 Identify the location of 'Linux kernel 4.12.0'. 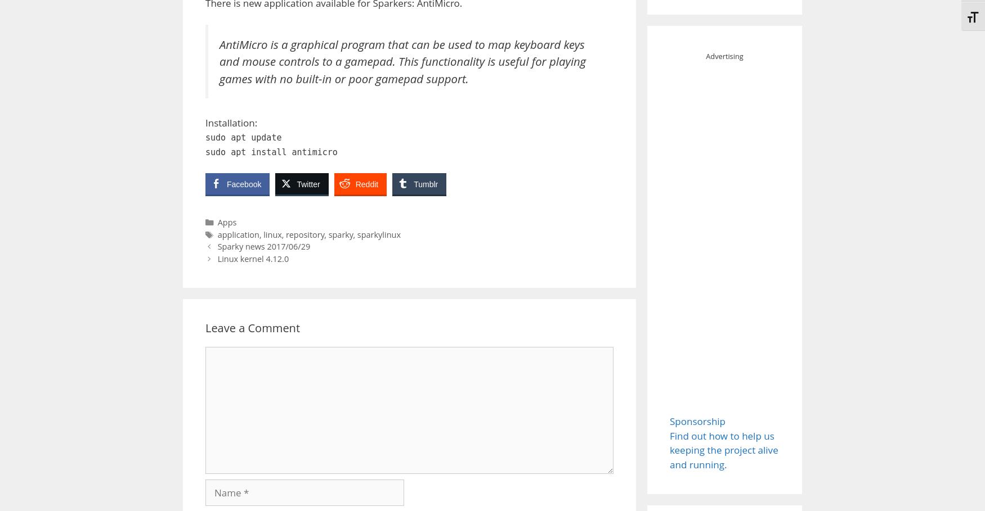
(217, 258).